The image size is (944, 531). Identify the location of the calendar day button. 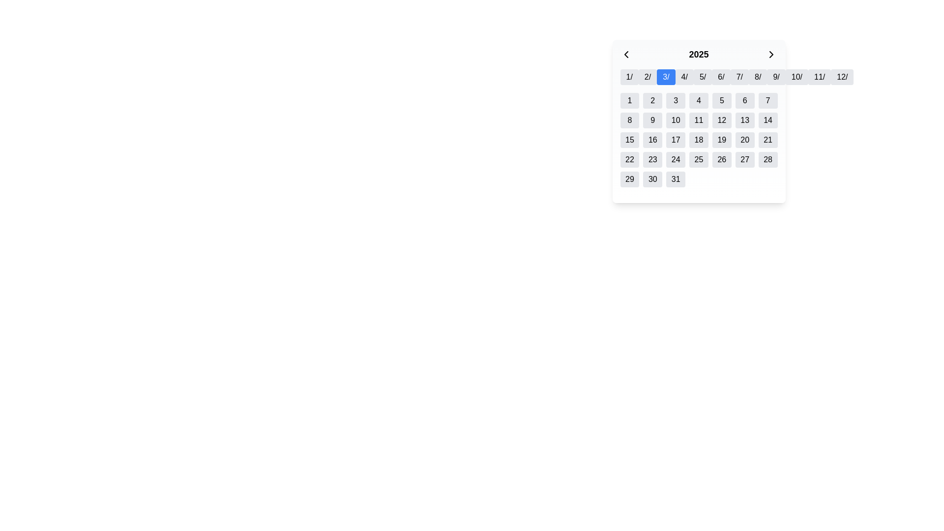
(698, 140).